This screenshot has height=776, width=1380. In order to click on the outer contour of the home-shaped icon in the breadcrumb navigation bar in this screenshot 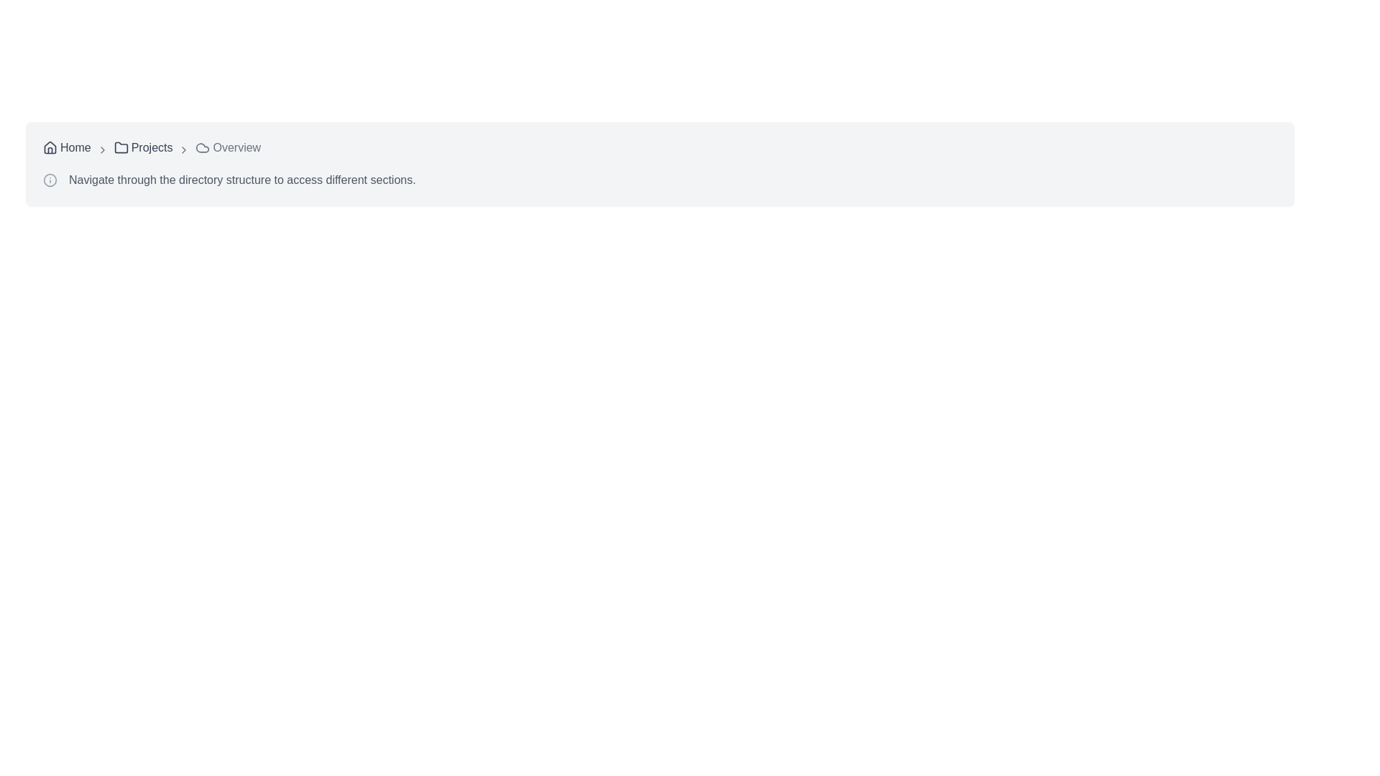, I will do `click(50, 147)`.